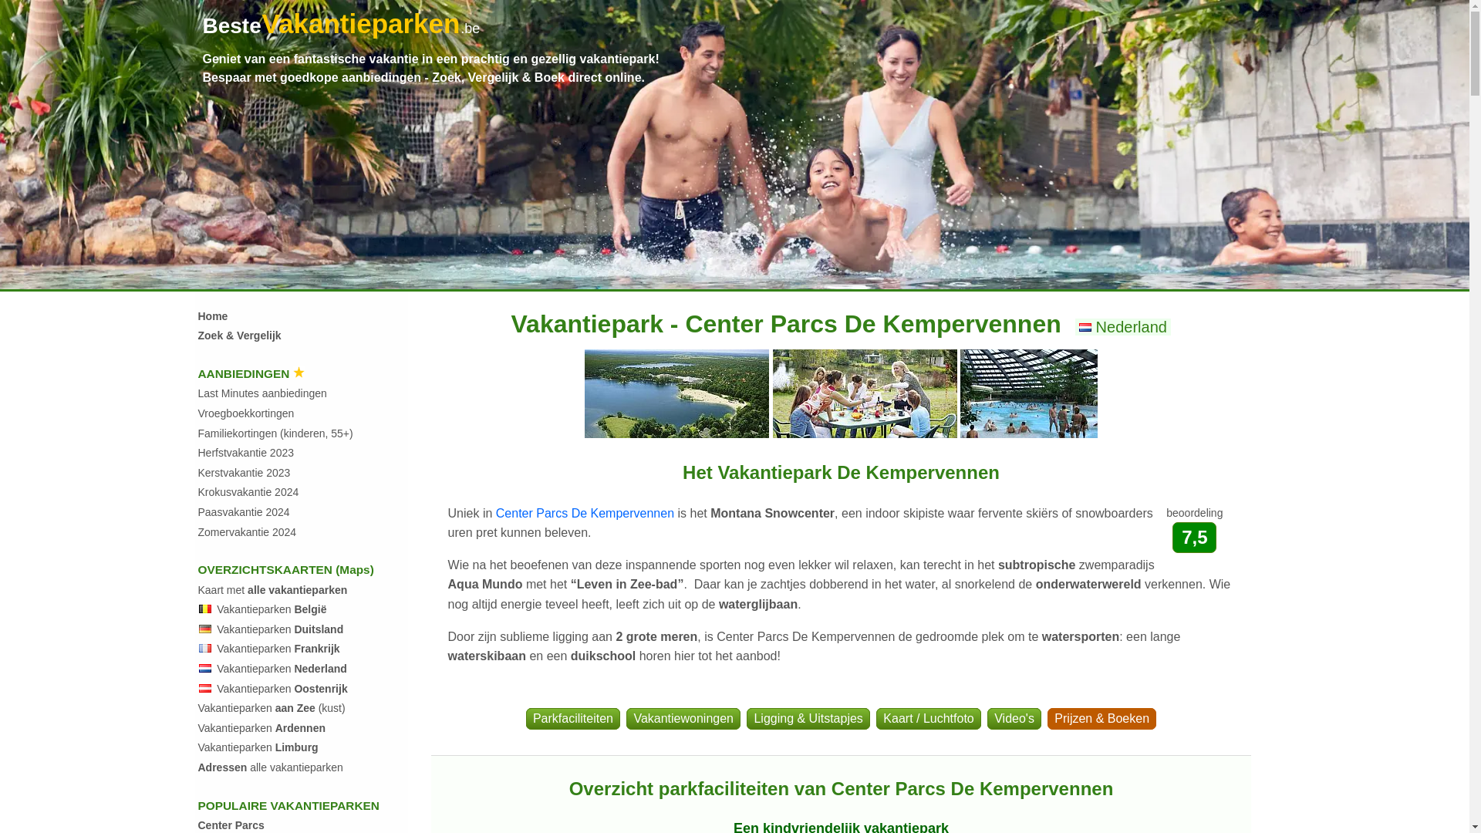 The width and height of the screenshot is (1481, 833). I want to click on 'Vakantieparken Limburg', so click(258, 746).